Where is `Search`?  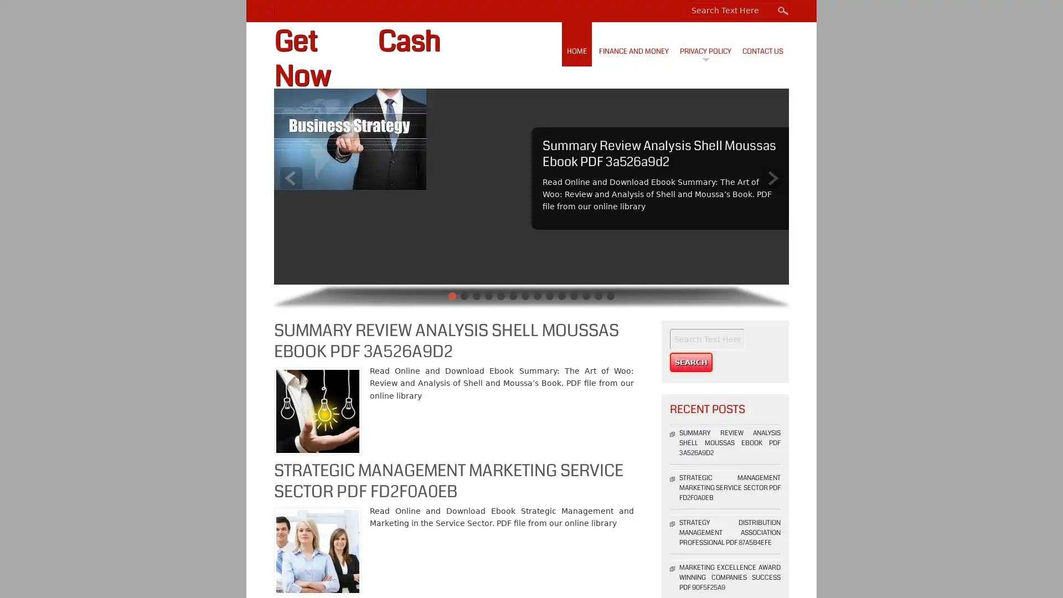 Search is located at coordinates (690, 362).